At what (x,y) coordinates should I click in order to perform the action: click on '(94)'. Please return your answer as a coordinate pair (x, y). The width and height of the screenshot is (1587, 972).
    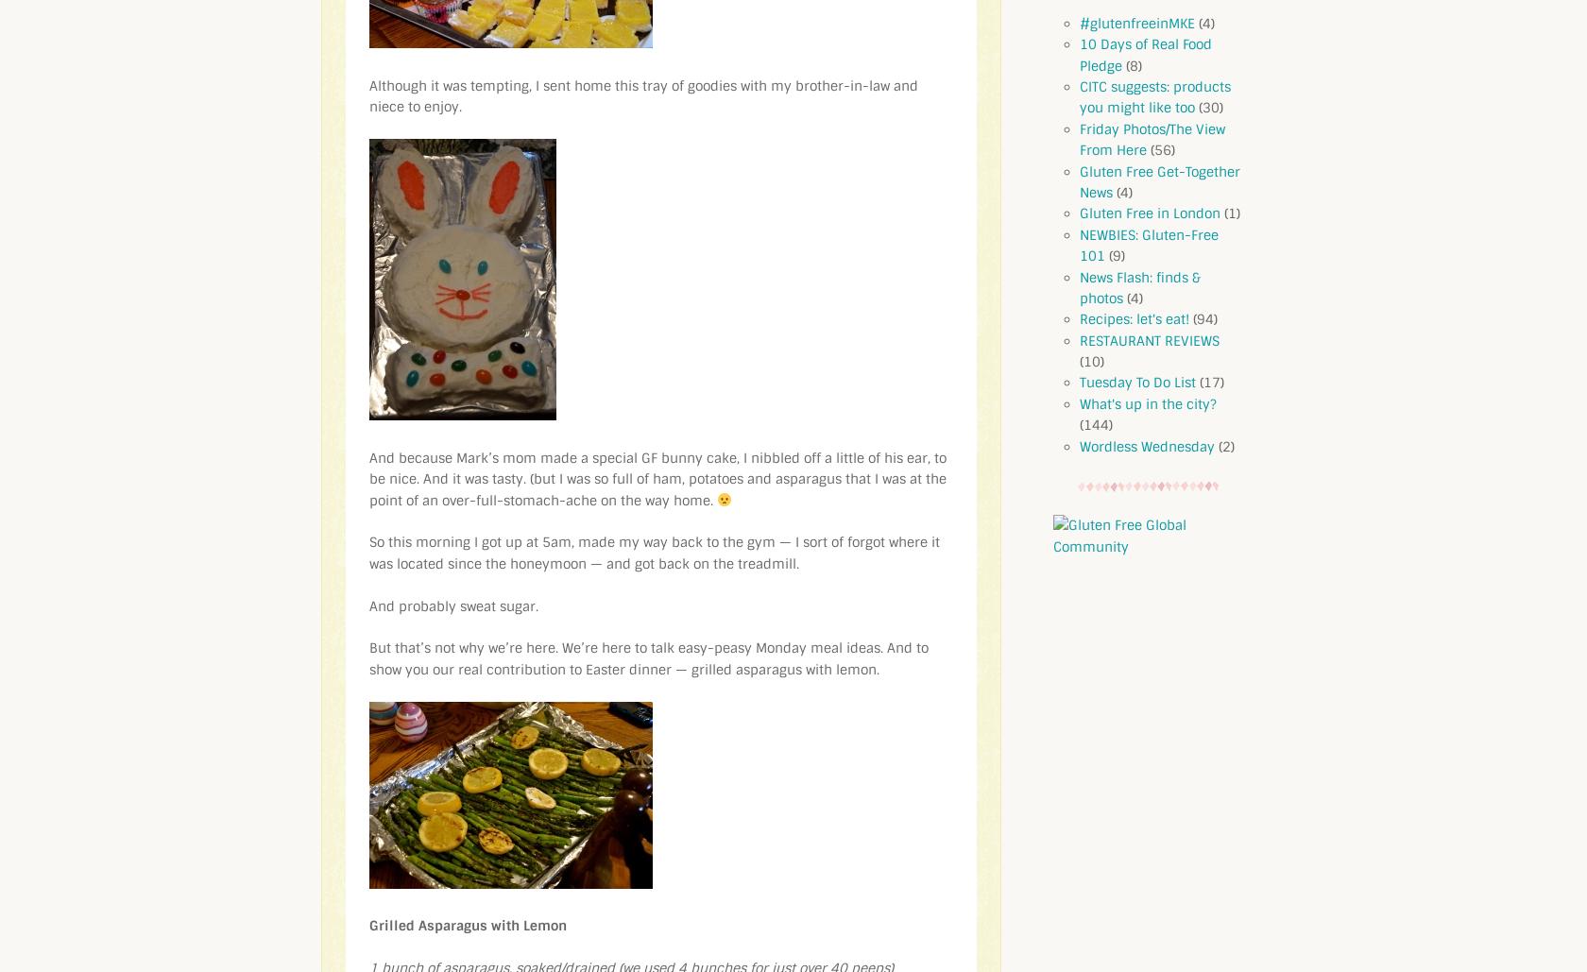
    Looking at the image, I should click on (1188, 319).